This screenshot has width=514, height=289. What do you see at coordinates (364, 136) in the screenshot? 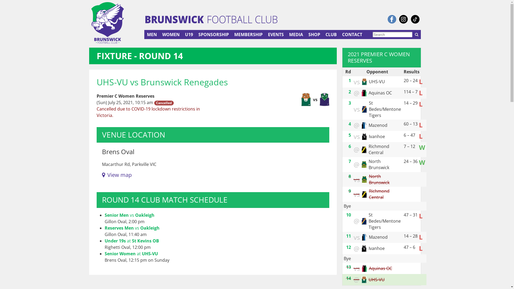
I see `'Ivanhoe'` at bounding box center [364, 136].